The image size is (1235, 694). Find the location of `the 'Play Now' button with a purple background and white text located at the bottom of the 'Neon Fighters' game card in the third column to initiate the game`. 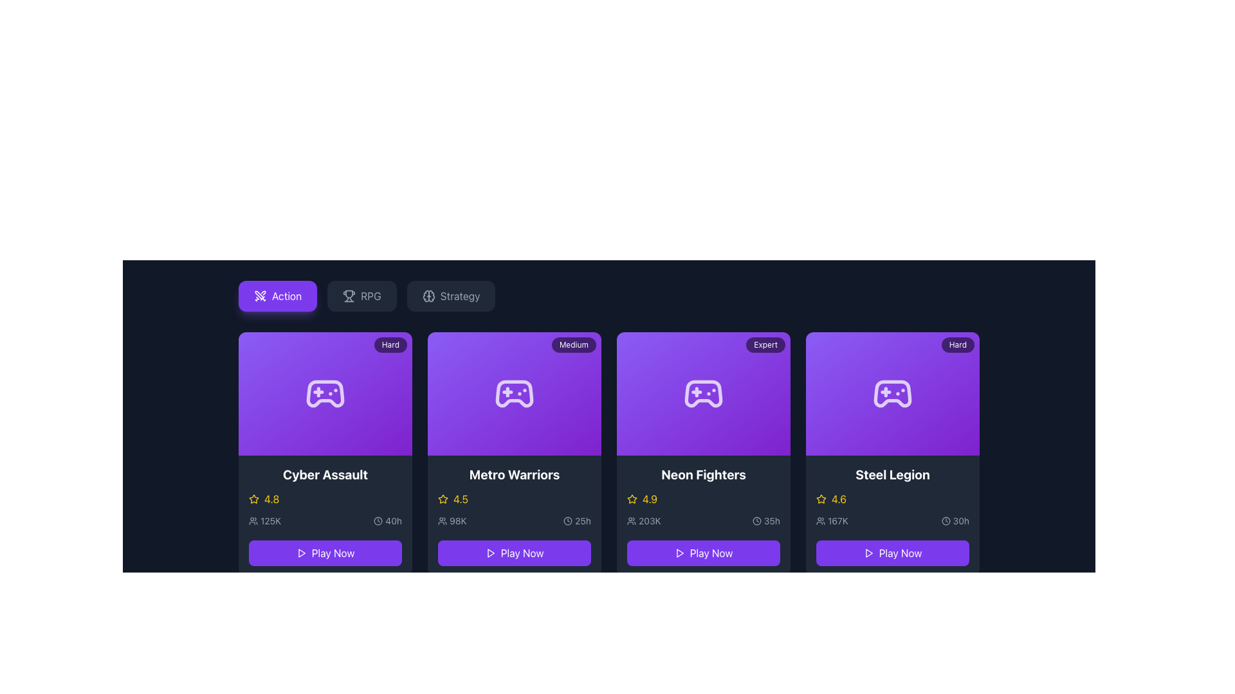

the 'Play Now' button with a purple background and white text located at the bottom of the 'Neon Fighters' game card in the third column to initiate the game is located at coordinates (703, 552).